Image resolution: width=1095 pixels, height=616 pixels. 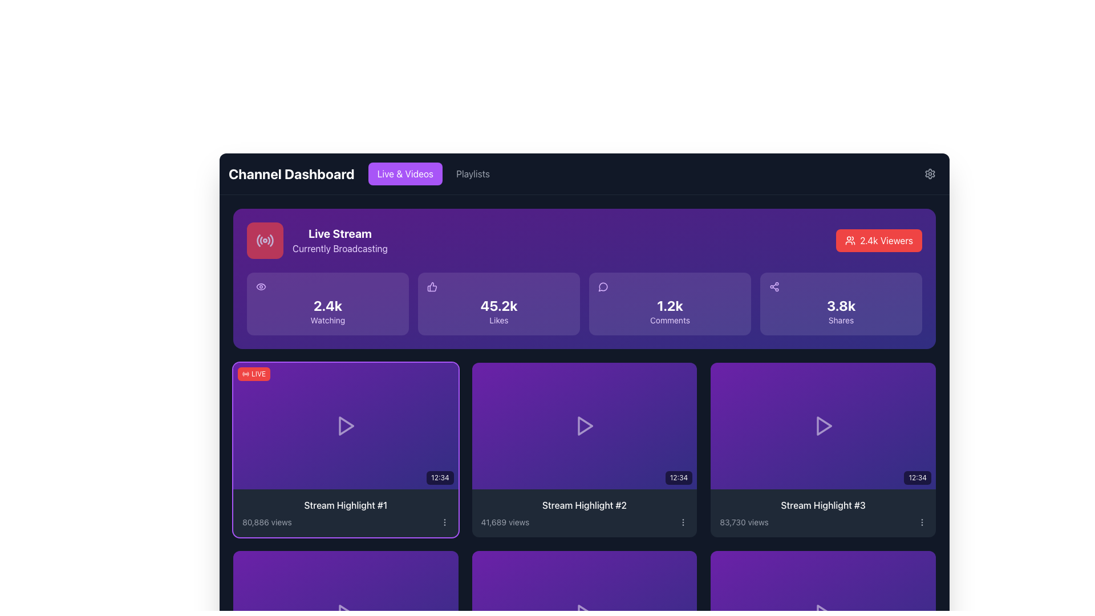 What do you see at coordinates (345, 425) in the screenshot?
I see `the triangular play icon with a purple outline located in the center of the card titled 'Stream Highlight #1' to play the stream` at bounding box center [345, 425].